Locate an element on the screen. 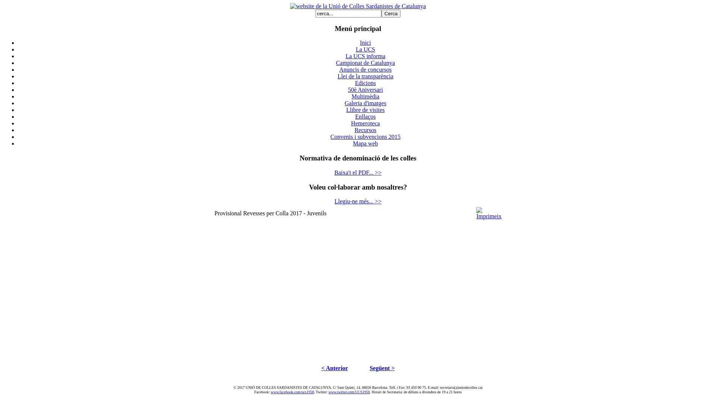 This screenshot has width=716, height=403. 'www.twitter.com/UCS1958' is located at coordinates (349, 391).